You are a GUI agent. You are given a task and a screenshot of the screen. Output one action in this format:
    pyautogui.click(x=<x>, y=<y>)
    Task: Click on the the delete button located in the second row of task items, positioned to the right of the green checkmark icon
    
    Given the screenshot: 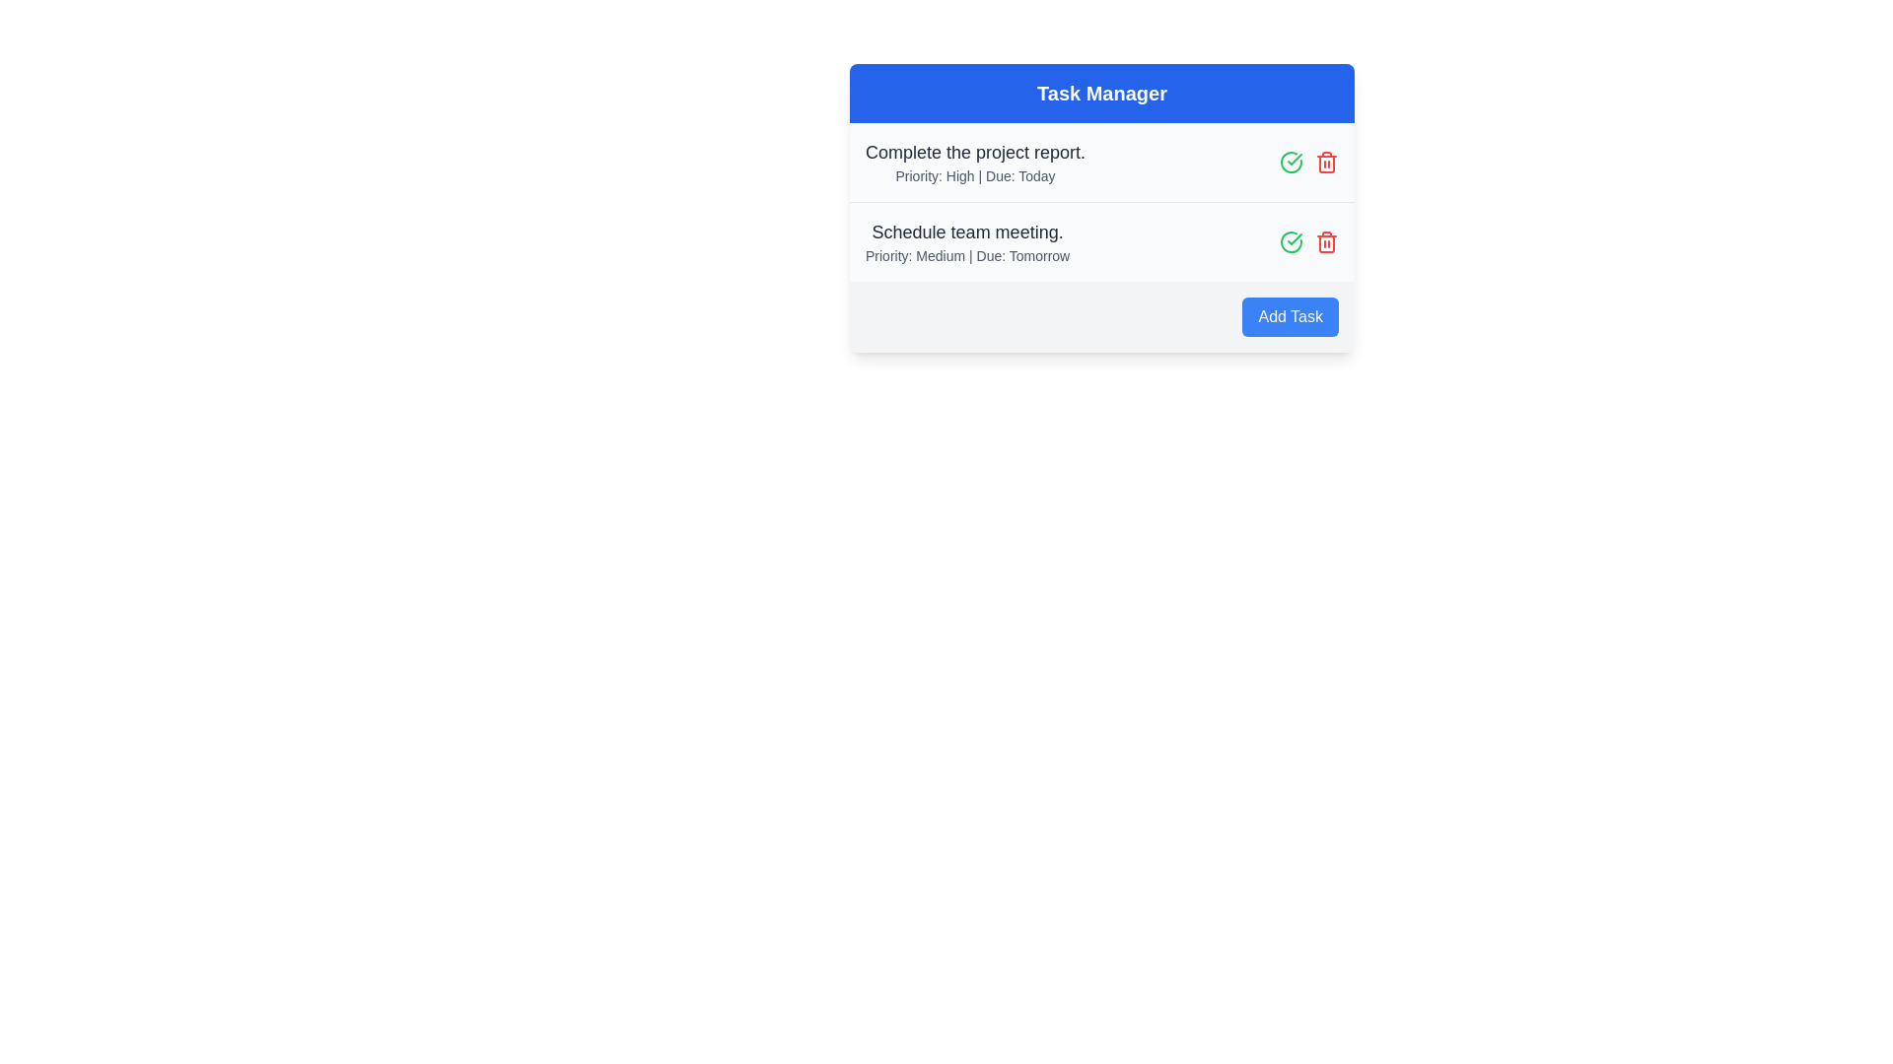 What is the action you would take?
    pyautogui.click(x=1326, y=241)
    